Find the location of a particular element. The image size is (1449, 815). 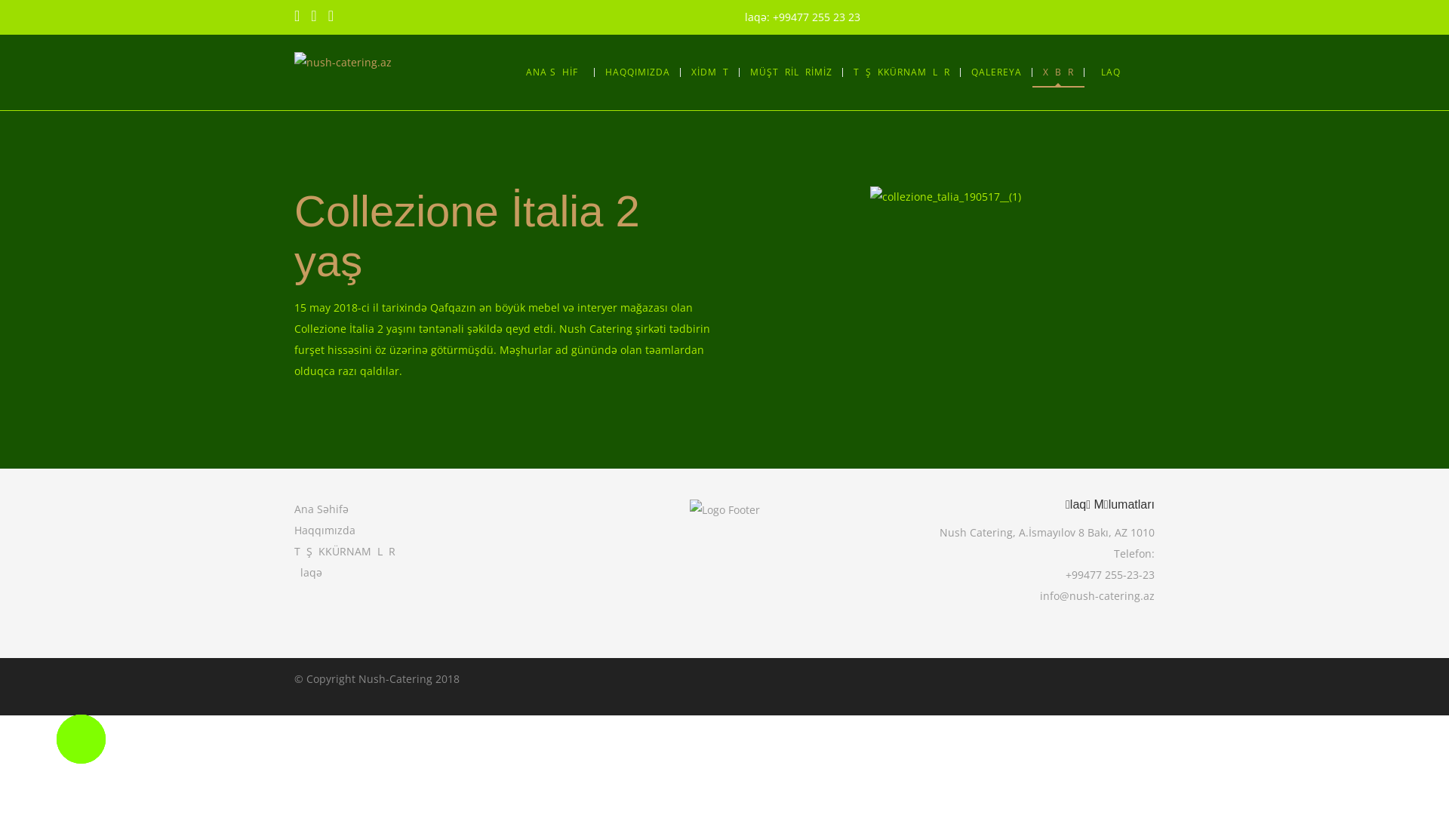

'HAQQIMIZDA' is located at coordinates (637, 72).